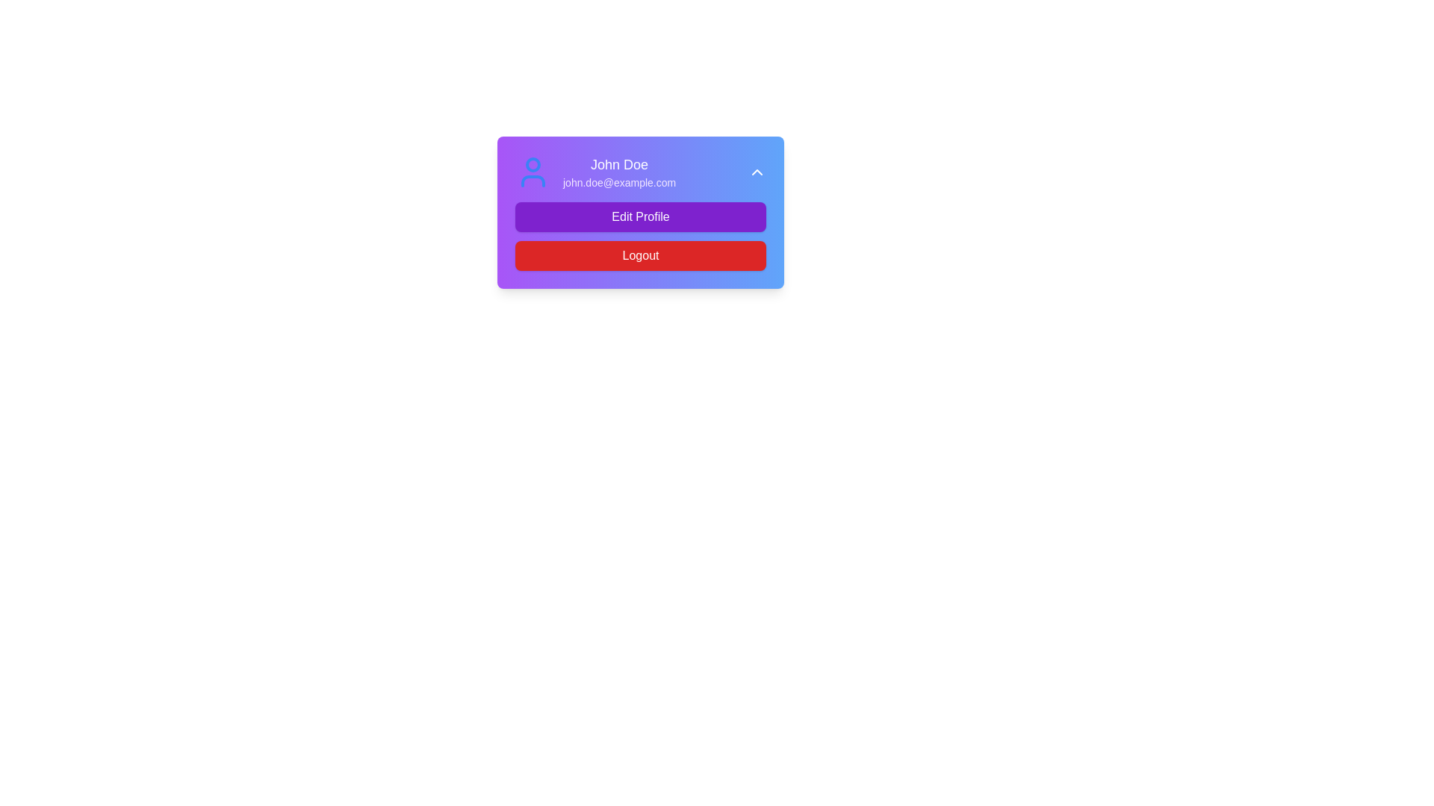  I want to click on the user profile information display that shows the username 'John Doe' and email 'john.doe@example.com', which is located in the upper section of a card layout with a blue outline user avatar icon, so click(595, 172).